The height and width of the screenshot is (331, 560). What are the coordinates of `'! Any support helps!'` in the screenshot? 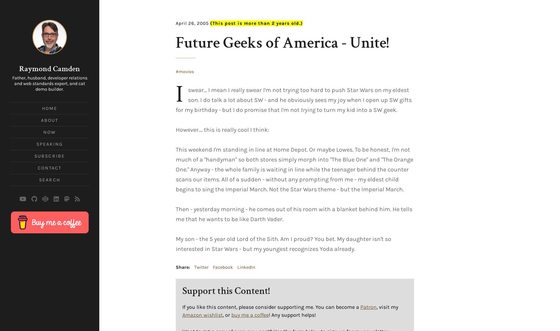 It's located at (292, 314).